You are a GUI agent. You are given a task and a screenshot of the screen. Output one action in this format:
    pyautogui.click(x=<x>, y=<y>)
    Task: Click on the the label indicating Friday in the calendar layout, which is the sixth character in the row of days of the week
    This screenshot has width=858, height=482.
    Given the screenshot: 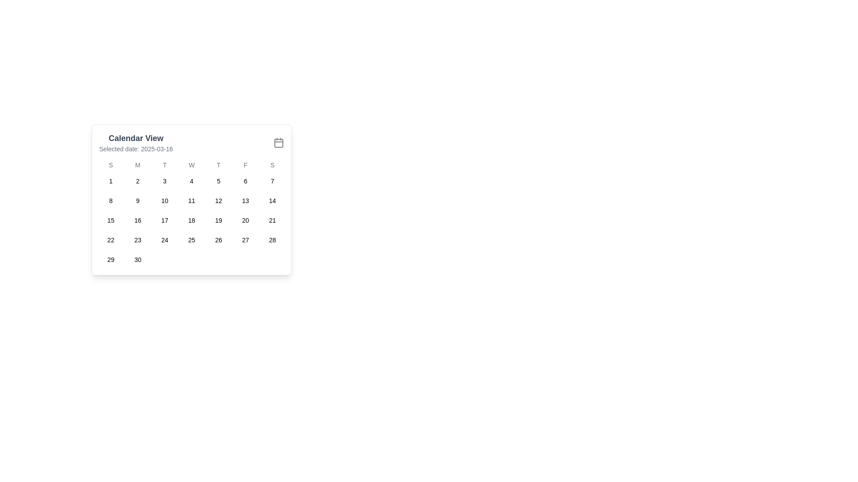 What is the action you would take?
    pyautogui.click(x=245, y=165)
    